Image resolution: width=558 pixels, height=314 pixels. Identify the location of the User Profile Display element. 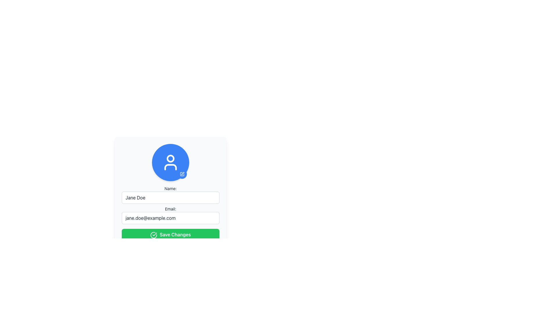
(170, 163).